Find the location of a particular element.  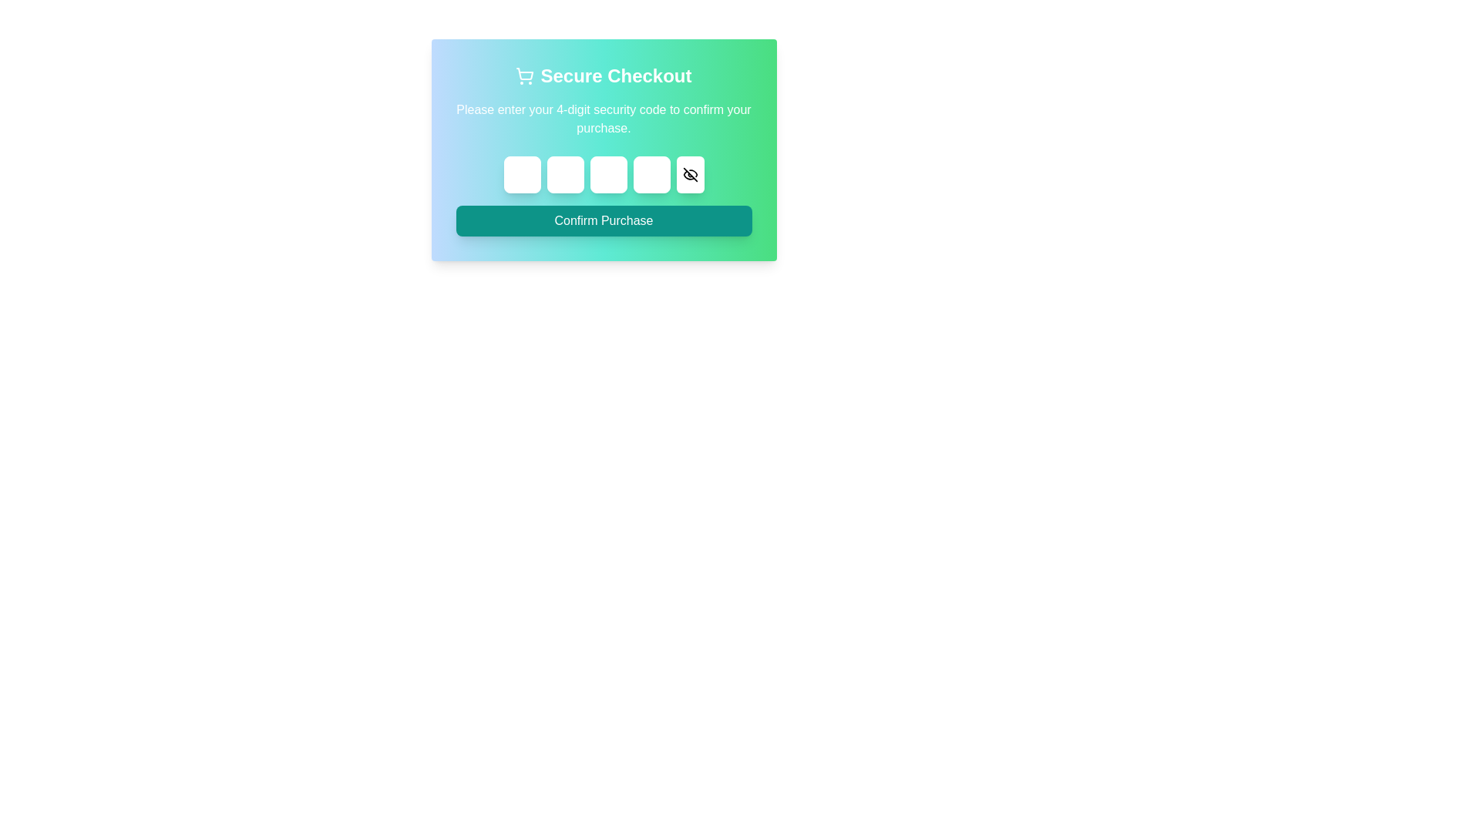

the second input field in the row of four single-character input boxes by tabbing into it is located at coordinates (564, 174).